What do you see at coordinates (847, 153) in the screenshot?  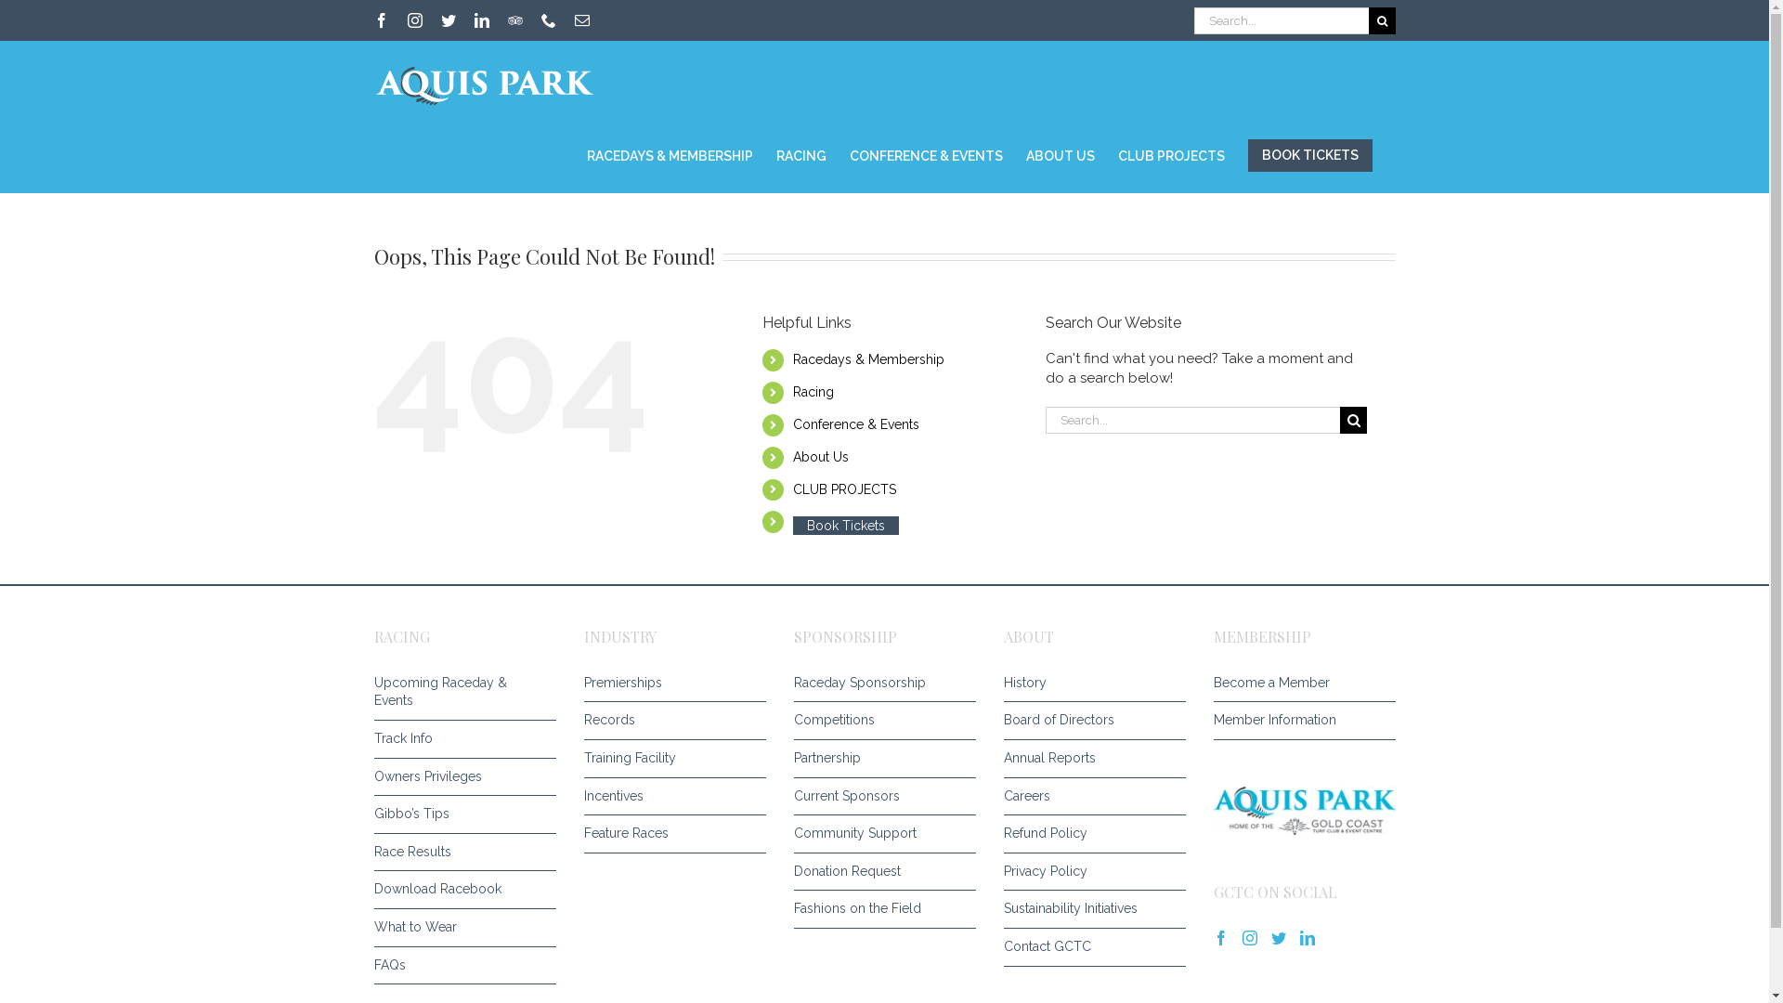 I see `'CONFERENCE & EVENTS'` at bounding box center [847, 153].